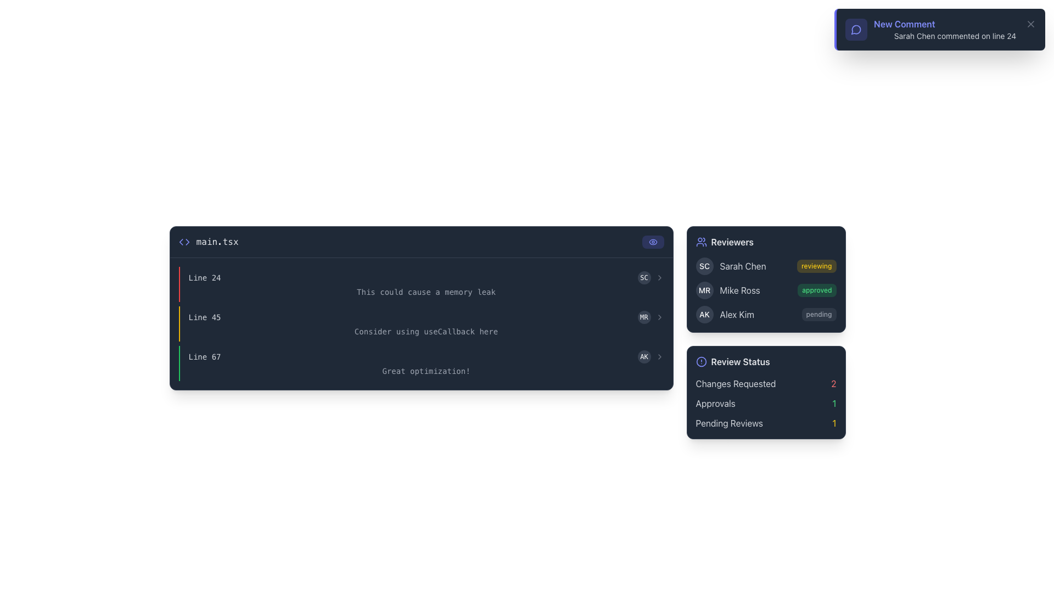 The height and width of the screenshot is (593, 1054). I want to click on the Status badge indicating 'approved' for reviewer 'Mike Ross' located in the 'Reviewers' panel, positioned to the right of his initials 'MR', so click(817, 289).